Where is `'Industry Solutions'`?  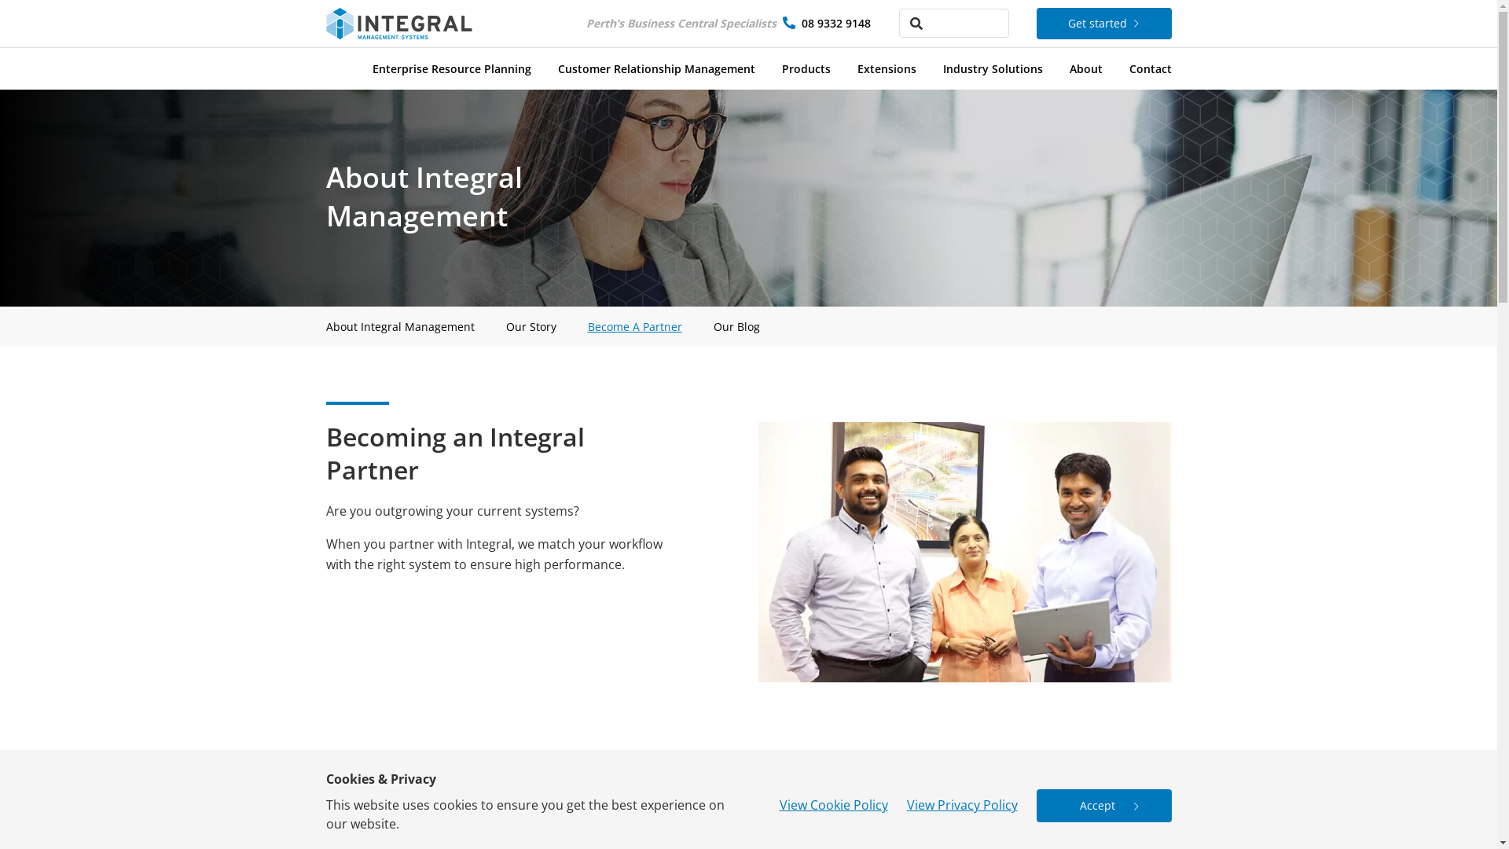
'Industry Solutions' is located at coordinates (992, 64).